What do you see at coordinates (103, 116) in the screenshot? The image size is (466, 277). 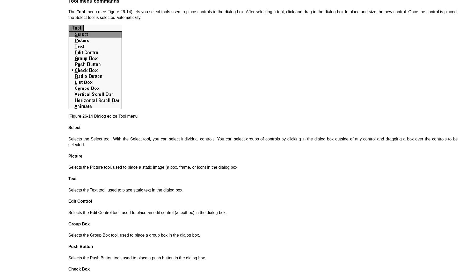 I see `'[Figure 26-14 Dialog editor Tool menu'` at bounding box center [103, 116].